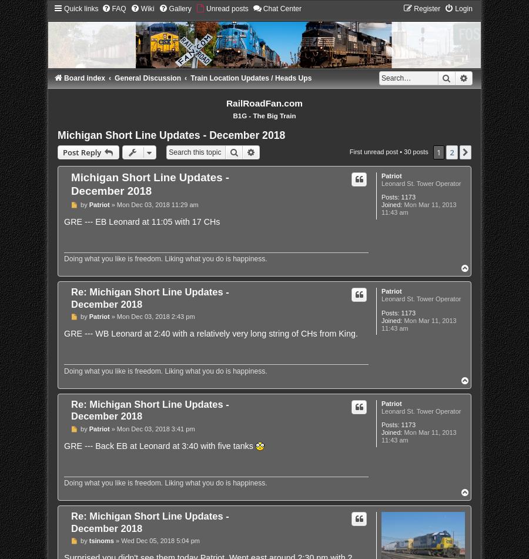  Describe the element at coordinates (226, 103) in the screenshot. I see `'RailRoadFan.com'` at that location.